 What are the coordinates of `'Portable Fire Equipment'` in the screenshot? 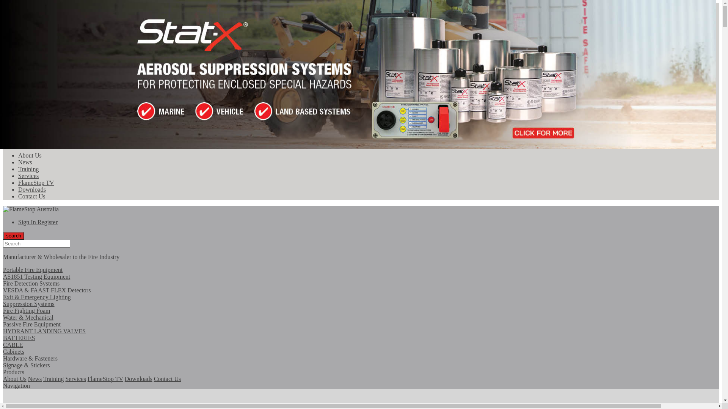 It's located at (3, 269).